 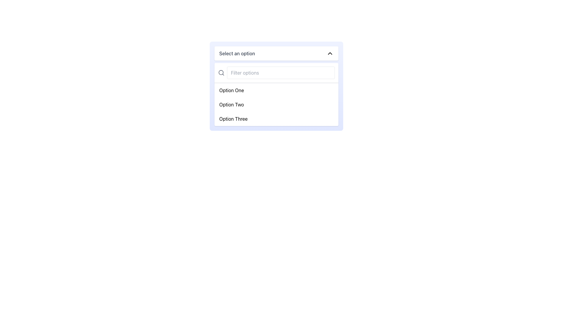 What do you see at coordinates (233, 119) in the screenshot?
I see `the text label representing the third option` at bounding box center [233, 119].